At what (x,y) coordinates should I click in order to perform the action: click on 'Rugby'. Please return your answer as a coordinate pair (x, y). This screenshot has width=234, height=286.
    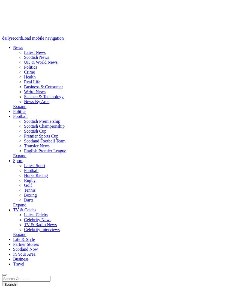
    Looking at the image, I should click on (29, 180).